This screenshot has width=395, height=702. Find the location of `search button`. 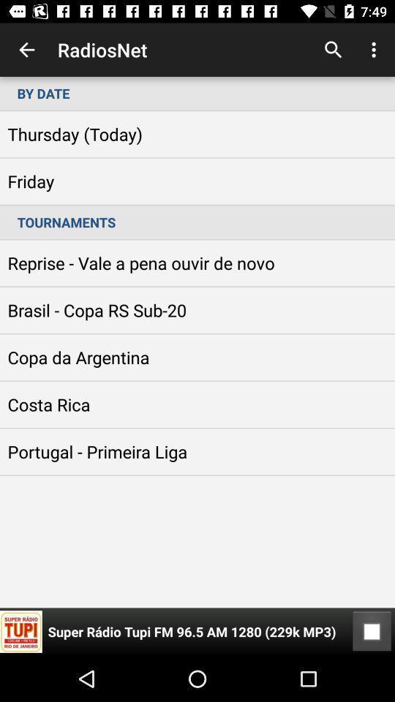

search button is located at coordinates (334, 50).